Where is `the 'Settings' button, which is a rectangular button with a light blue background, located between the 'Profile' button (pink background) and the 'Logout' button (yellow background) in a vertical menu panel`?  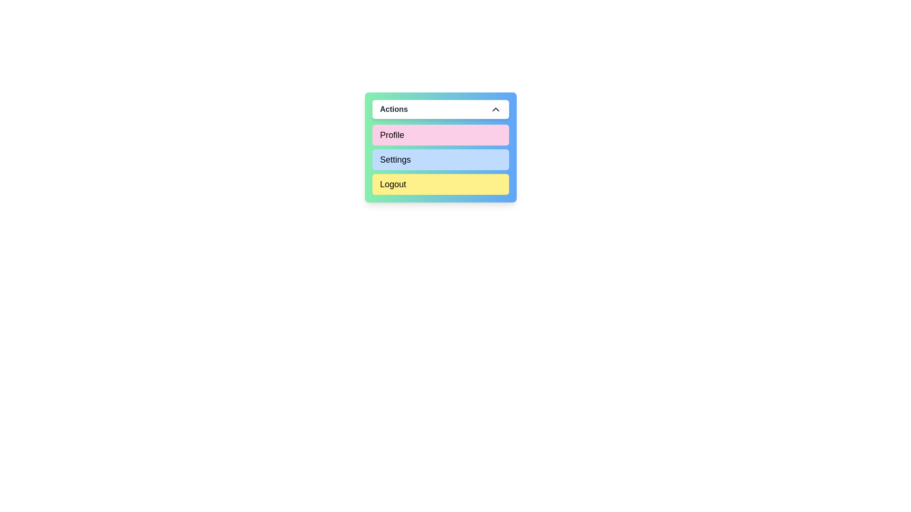
the 'Settings' button, which is a rectangular button with a light blue background, located between the 'Profile' button (pink background) and the 'Logout' button (yellow background) in a vertical menu panel is located at coordinates (440, 159).